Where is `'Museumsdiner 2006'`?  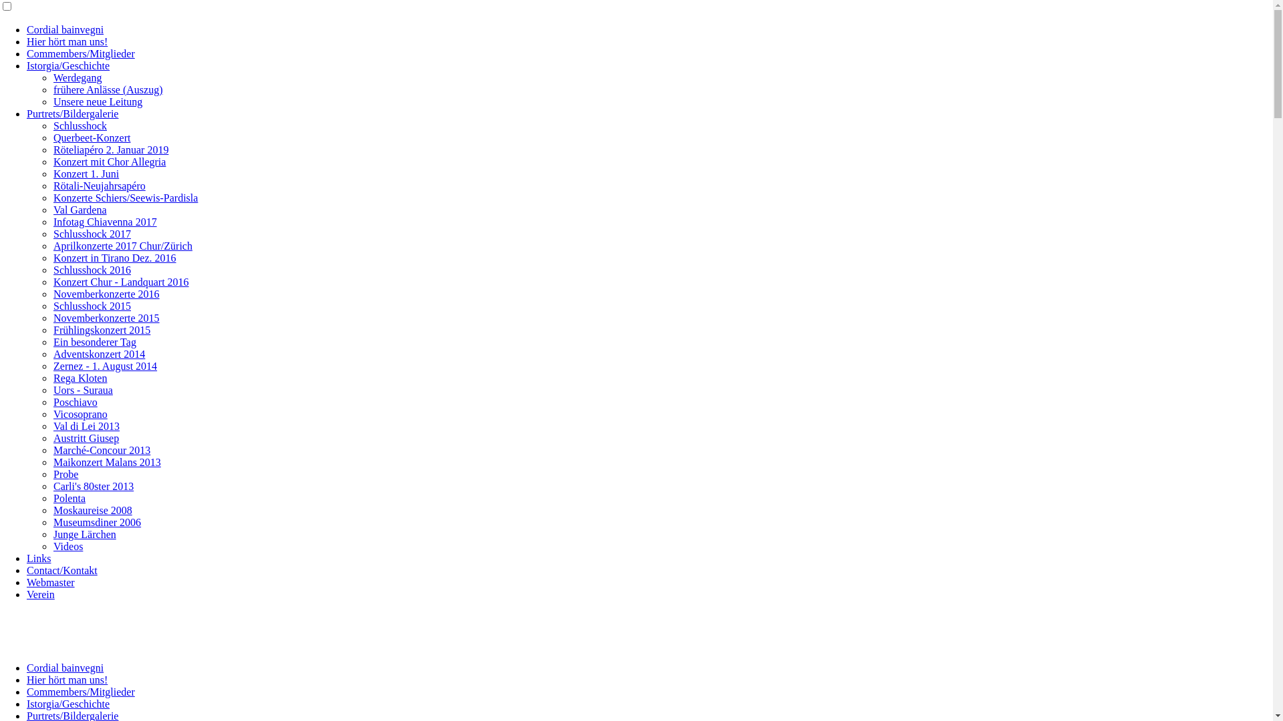 'Museumsdiner 2006' is located at coordinates (96, 521).